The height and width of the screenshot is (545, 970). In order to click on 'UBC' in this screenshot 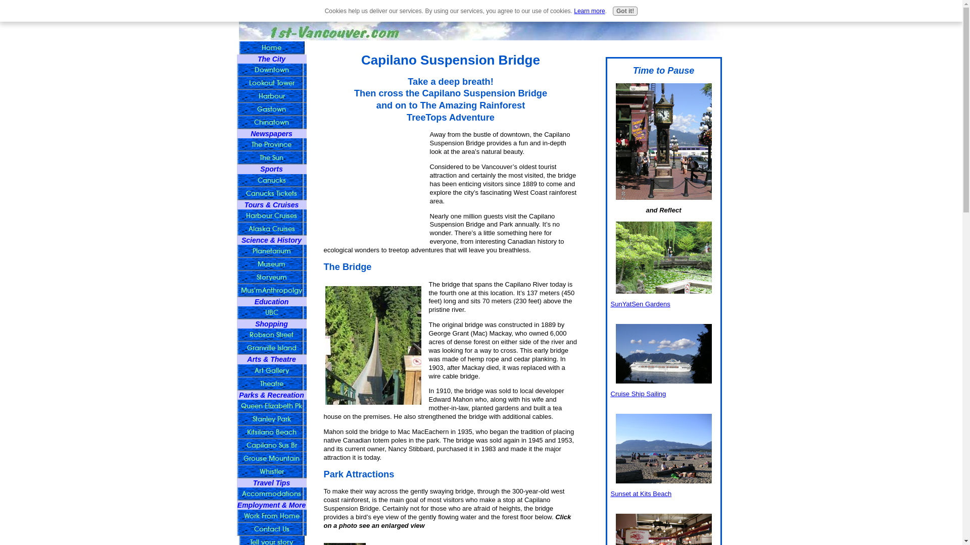, I will do `click(271, 312)`.